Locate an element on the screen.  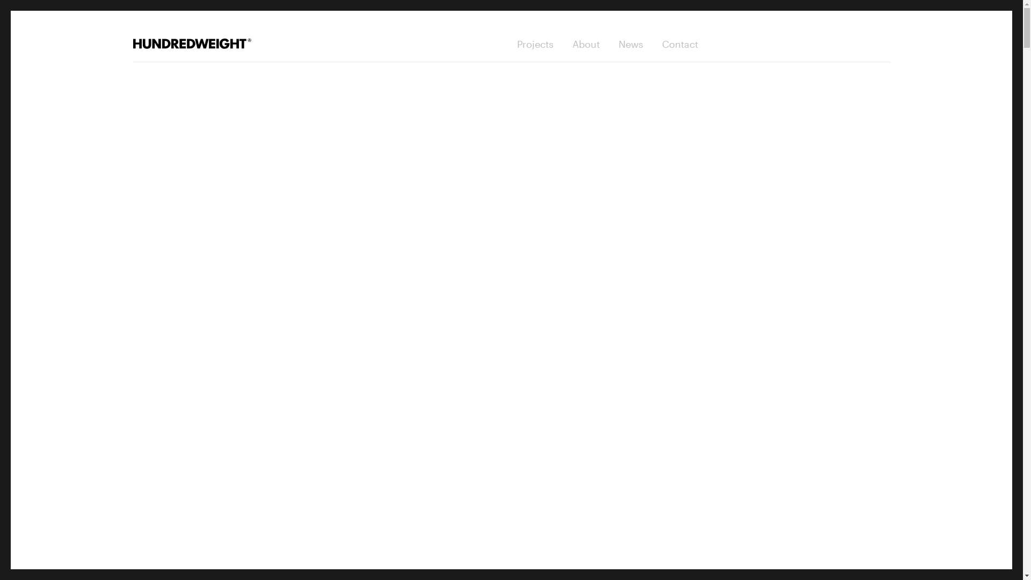
'About' is located at coordinates (585, 43).